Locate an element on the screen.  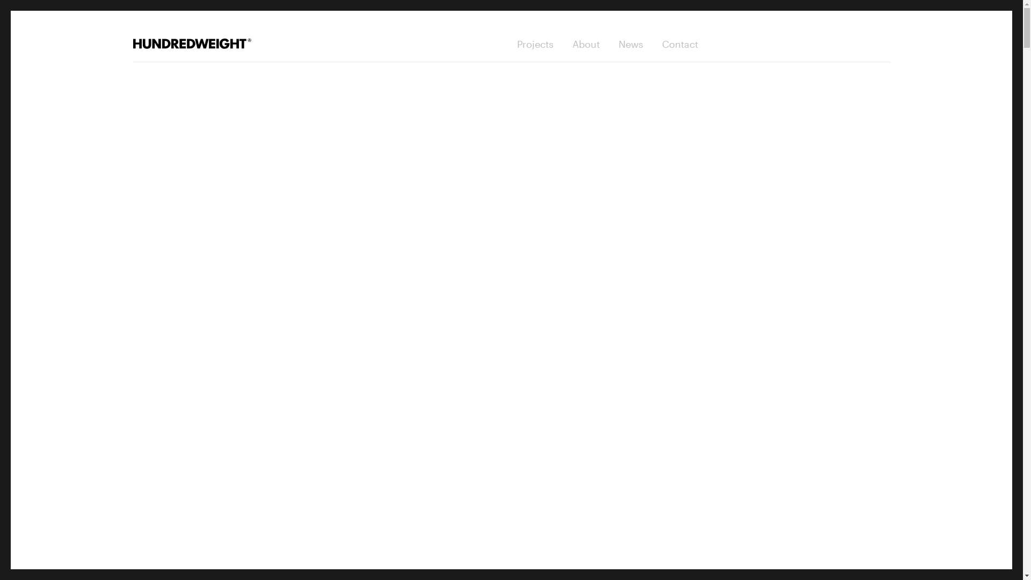
'About' is located at coordinates (585, 43).